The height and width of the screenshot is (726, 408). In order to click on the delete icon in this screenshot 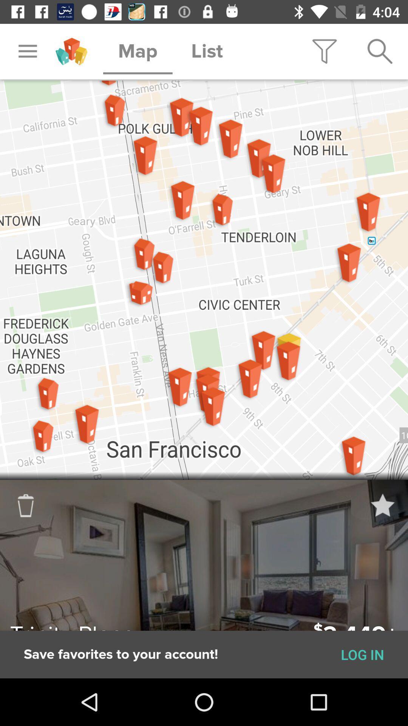, I will do `click(37, 517)`.